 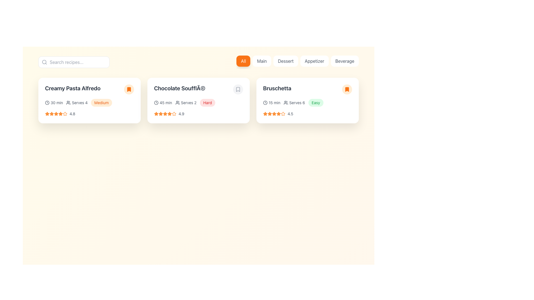 I want to click on the text label displaying 'Serves 2', so click(x=189, y=103).